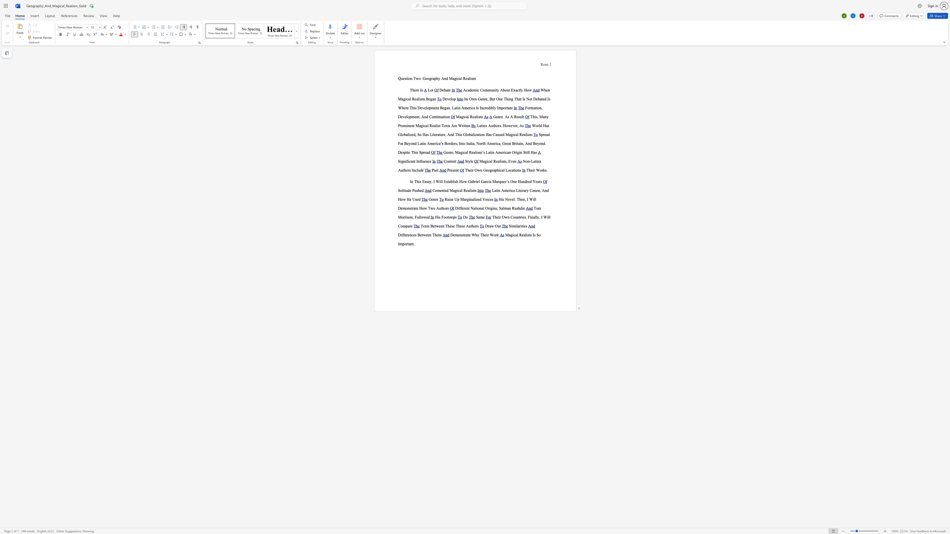 Image resolution: width=950 pixels, height=534 pixels. What do you see at coordinates (482, 126) in the screenshot?
I see `the space between the continuous character "t" and "i" in the text` at bounding box center [482, 126].